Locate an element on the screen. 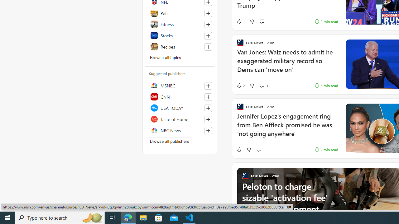 Image resolution: width=399 pixels, height=224 pixels. 'Stocks' is located at coordinates (180, 35).